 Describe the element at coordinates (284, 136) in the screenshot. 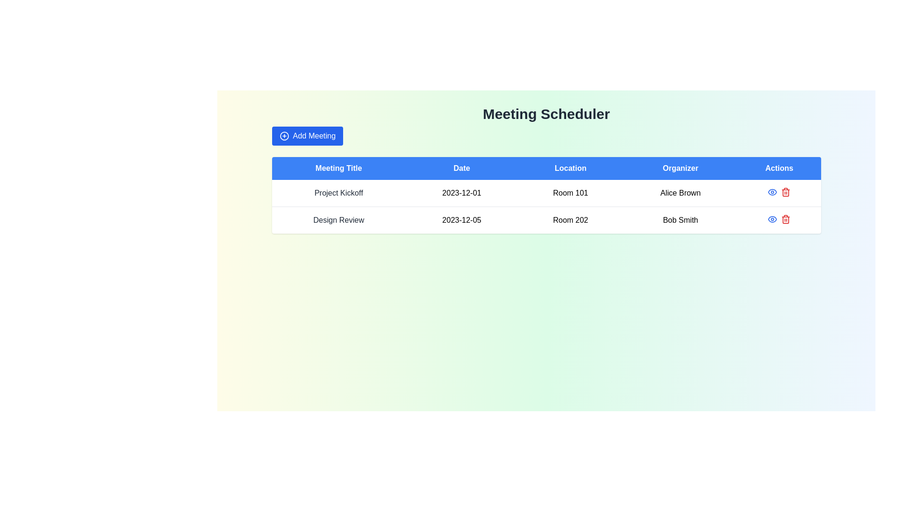

I see `the icon located within the round 'Add Meeting' button at the top of the interface` at that location.